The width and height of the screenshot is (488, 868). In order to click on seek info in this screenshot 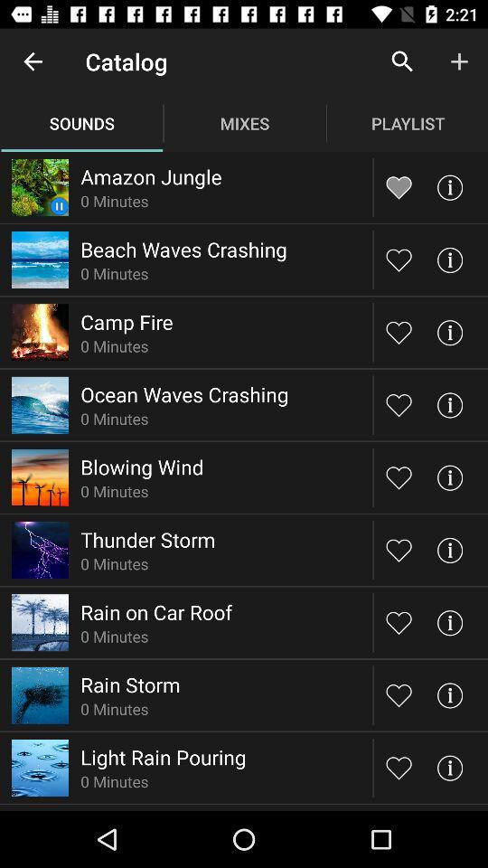, I will do `click(448, 767)`.